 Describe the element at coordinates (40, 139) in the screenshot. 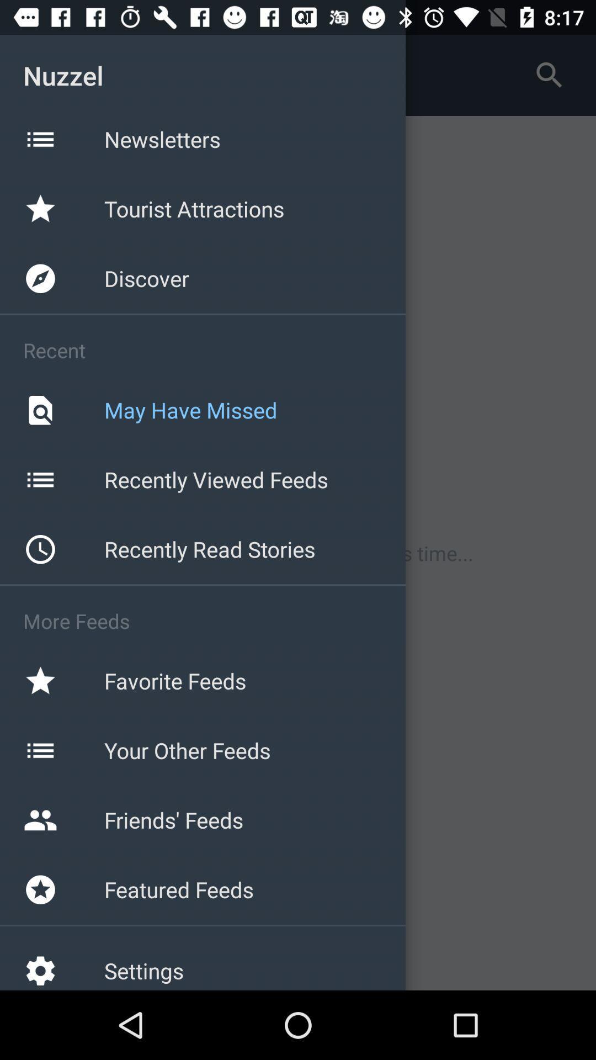

I see `the icon beside newsletters` at that location.